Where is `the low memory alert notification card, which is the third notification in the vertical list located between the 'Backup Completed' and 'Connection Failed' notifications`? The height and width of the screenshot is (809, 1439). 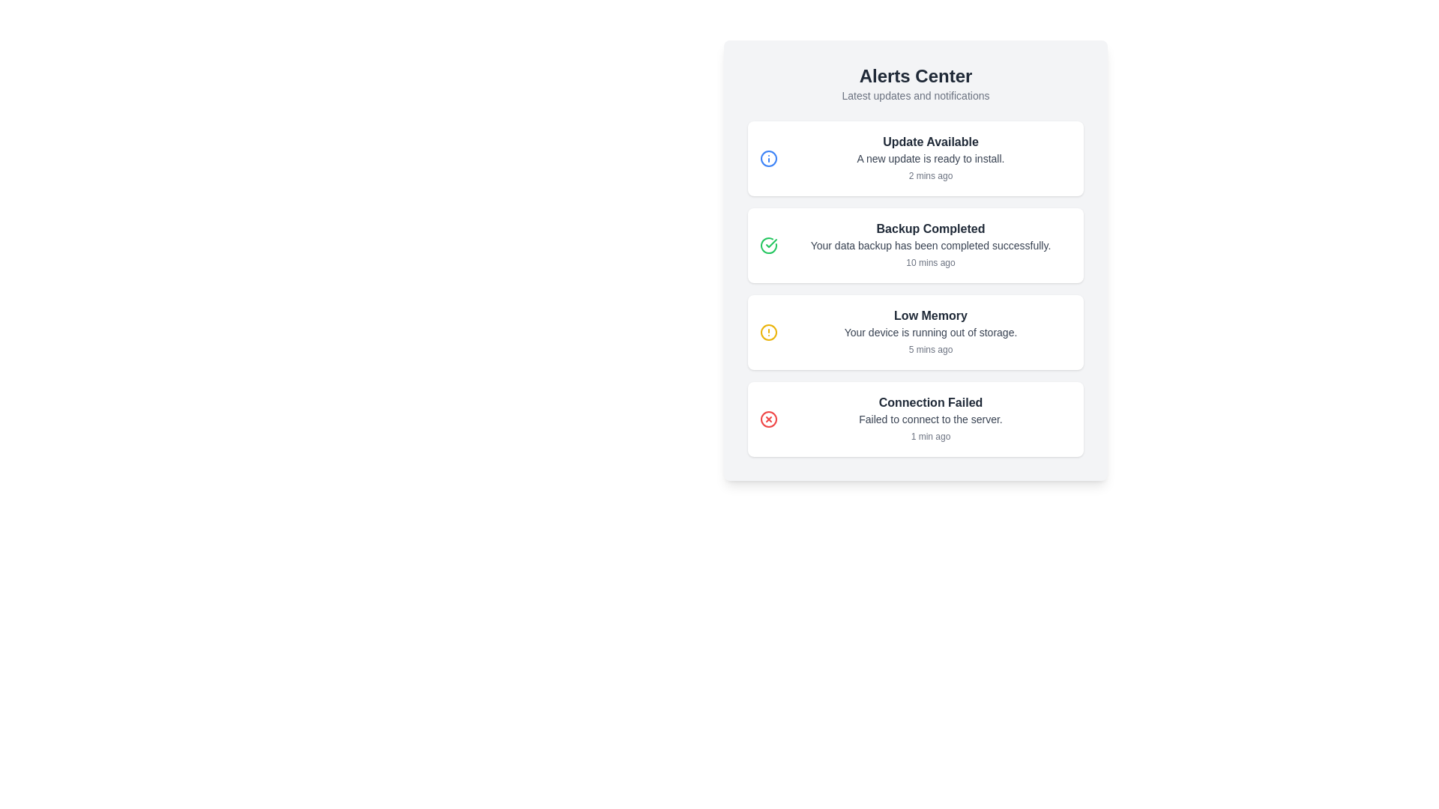
the low memory alert notification card, which is the third notification in the vertical list located between the 'Backup Completed' and 'Connection Failed' notifications is located at coordinates (915, 331).